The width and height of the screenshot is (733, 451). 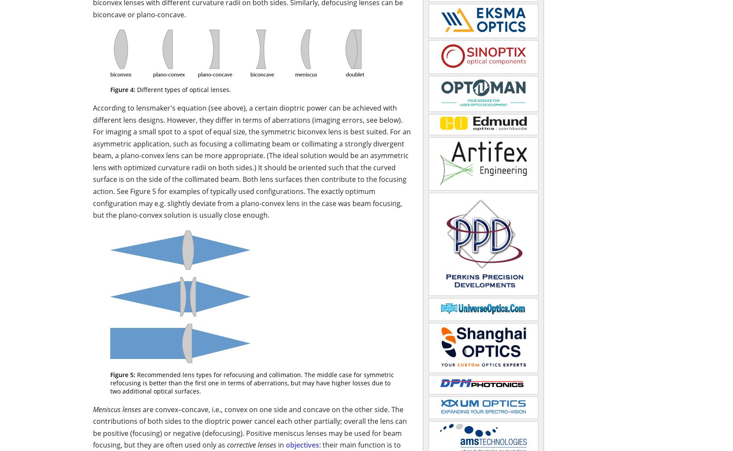 I want to click on 'According to lensmaker's equation (see above), a certain dioptric power can be achieved with different lens designs. However, they differ in terms of aberrations (imaging errors, see below). For imaging a small spot to a spot of equal size, the symmetric biconvex lens is best suited. For an asymmetric application, such as focusing a collimating beam or collimating a strongly divergent beam, a plano-convex lens can be more appropriate. (The ideal solution would be an asymmetric lens with optimized curvature radii on both sides.) It should be oriented such that the curved surface is on the side of the collimated beam. Both lens surfaces then contribute to the focusing action. See Figure 5 for examples of typically used configurations. The exactly optimum configuration may e.g. slightly deviate from a plano-convex lens in the case was beam focusing, but the plano-convex solution is usually close enough.', so click(x=92, y=161).